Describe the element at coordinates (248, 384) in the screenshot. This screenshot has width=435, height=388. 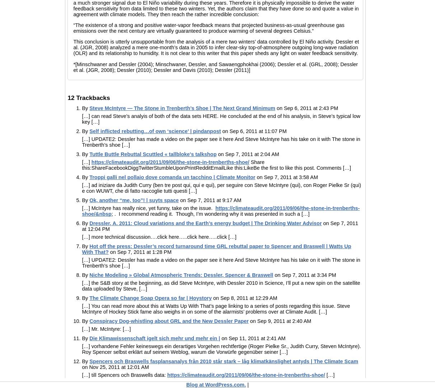
I see `'|'` at that location.